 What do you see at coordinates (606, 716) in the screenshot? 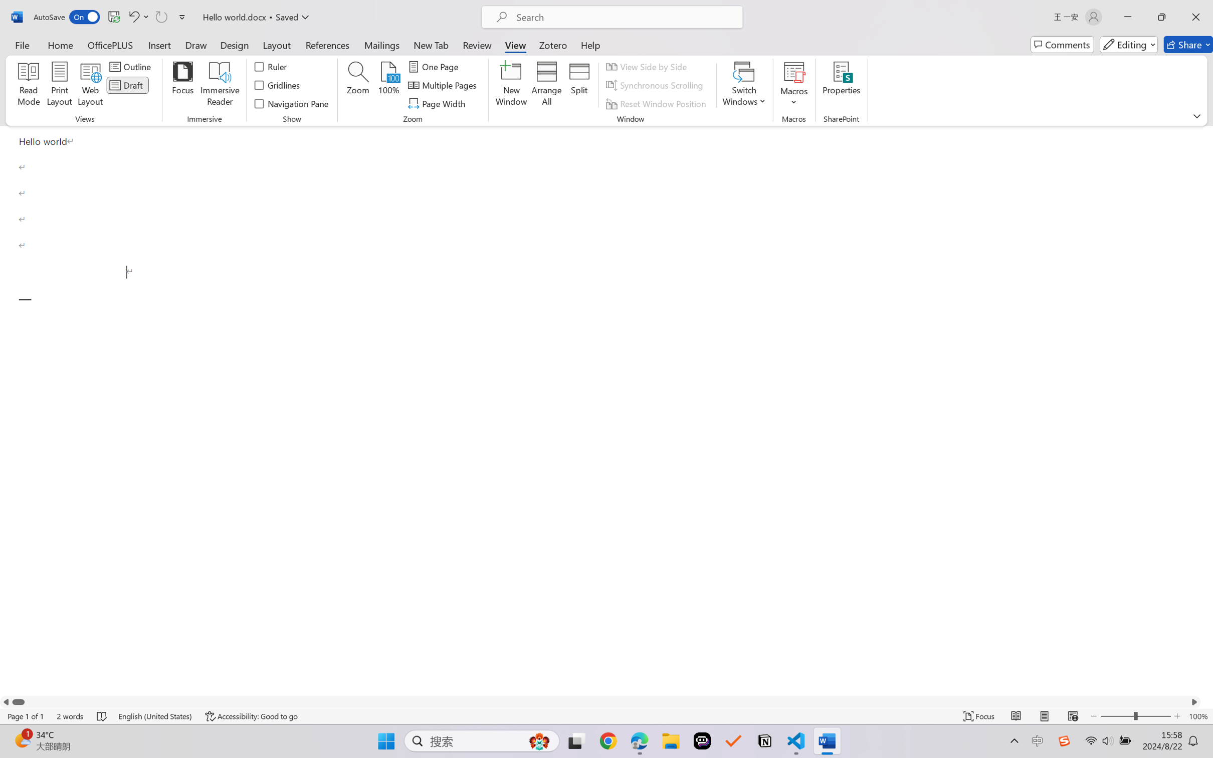
I see `'Class: MsoCommandBar'` at bounding box center [606, 716].